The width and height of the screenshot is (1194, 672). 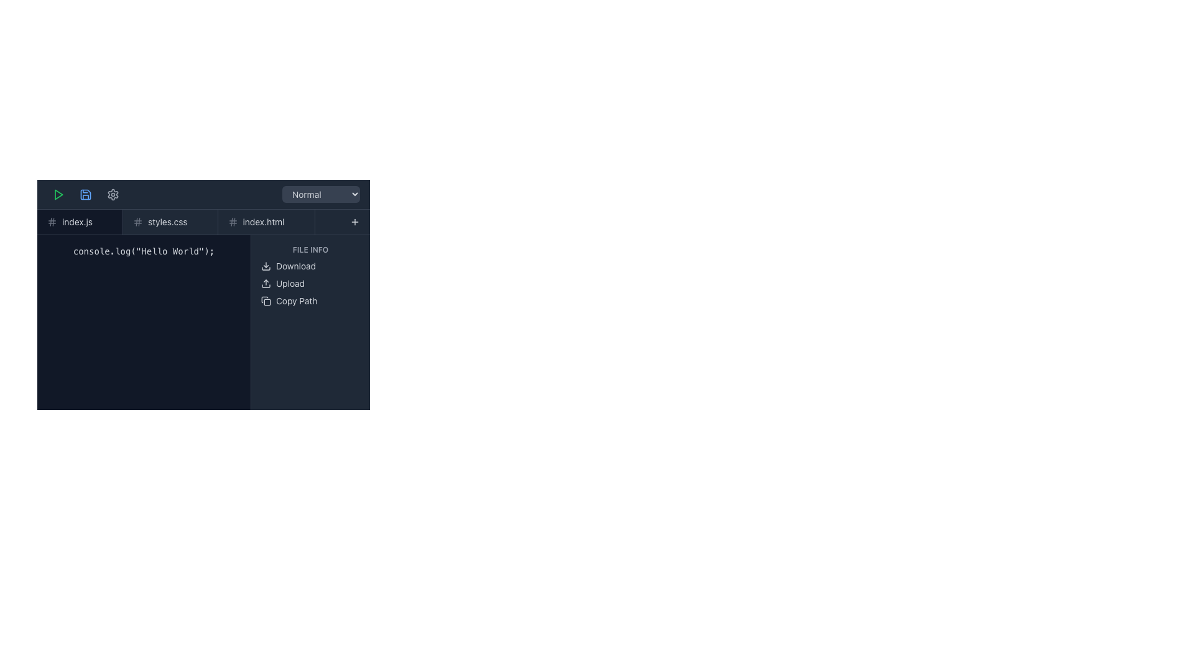 I want to click on the green play button icon, which is a rightward-facing triangle located in the upper-left corner of the dark-themed application interface, to invoke its action, so click(x=58, y=194).